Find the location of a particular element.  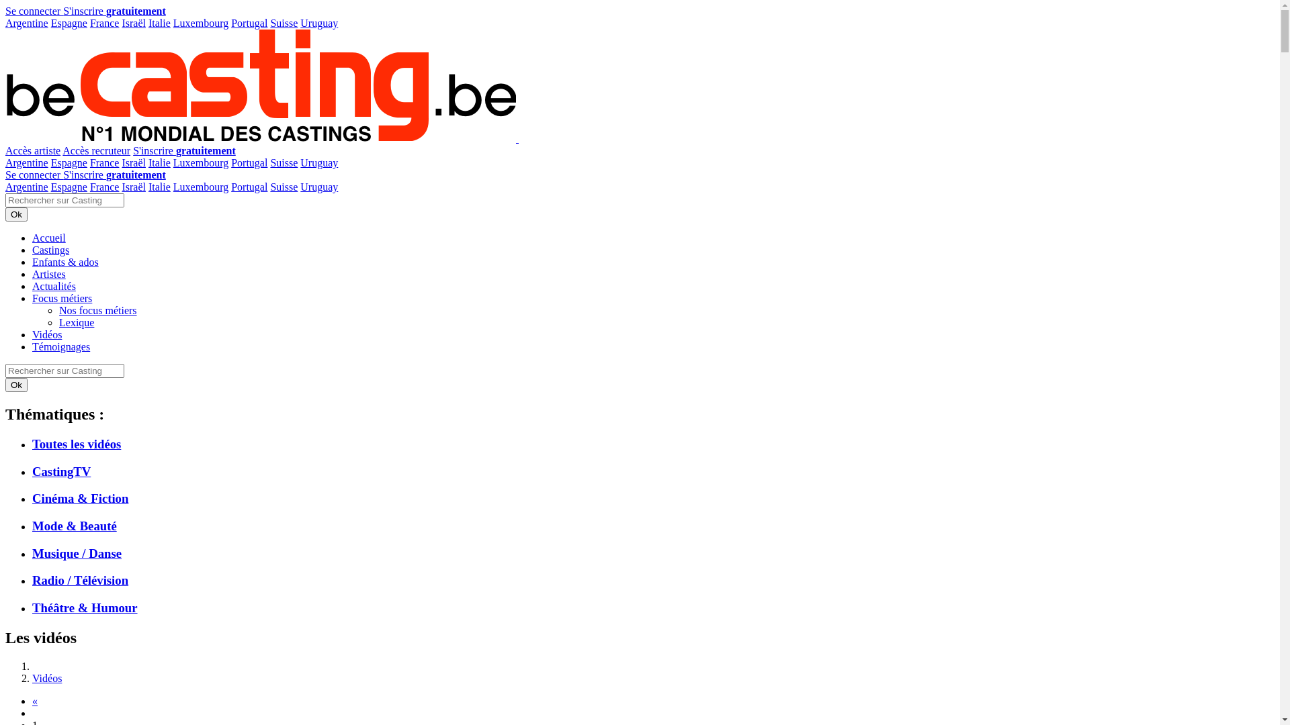

'Artistes' is located at coordinates (48, 273).